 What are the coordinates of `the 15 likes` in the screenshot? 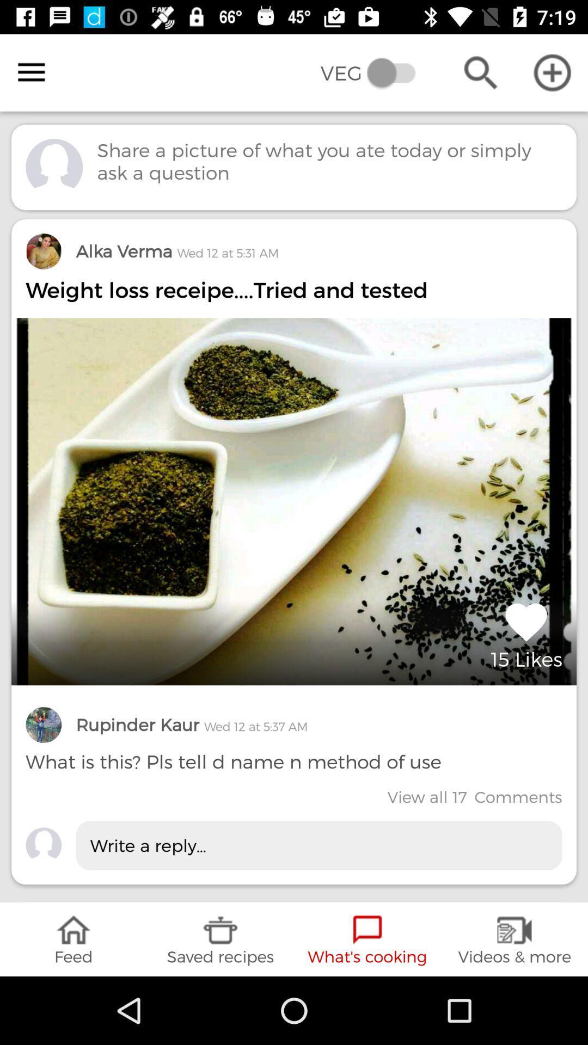 It's located at (526, 634).